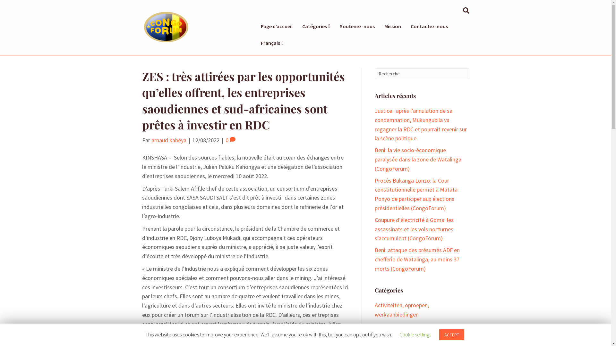  I want to click on 'Activiteiten, oproepen, werkaanbiedingen', so click(374, 309).